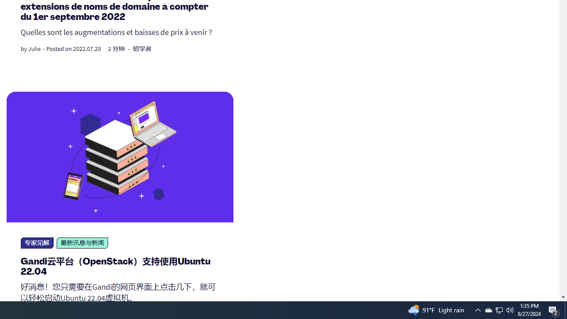 This screenshot has height=319, width=567. What do you see at coordinates (34, 49) in the screenshot?
I see `'Julie'` at bounding box center [34, 49].